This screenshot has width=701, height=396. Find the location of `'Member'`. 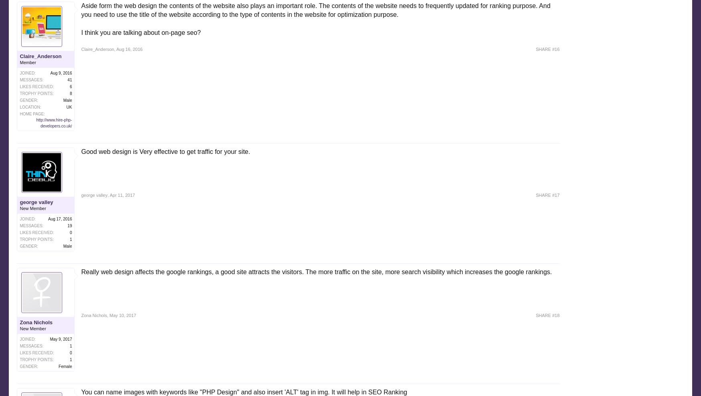

'Member' is located at coordinates (27, 62).